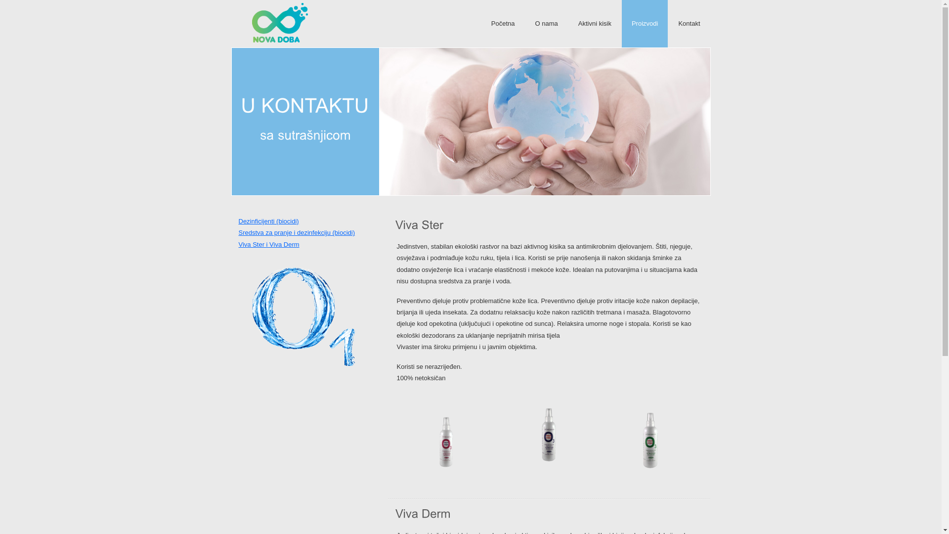 The height and width of the screenshot is (534, 949). I want to click on 'Viva Ster i Viva Derm', so click(268, 244).